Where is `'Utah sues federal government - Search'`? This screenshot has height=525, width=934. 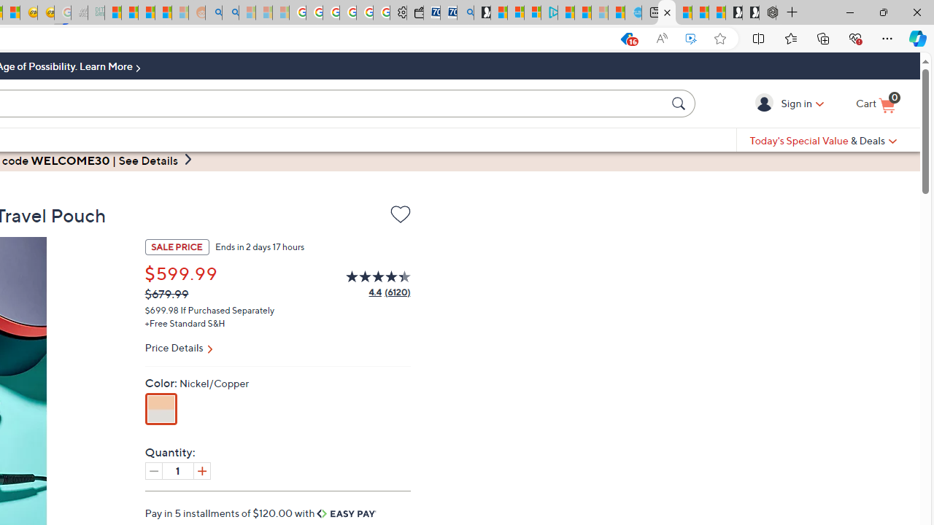
'Utah sues federal government - Search' is located at coordinates (229, 12).